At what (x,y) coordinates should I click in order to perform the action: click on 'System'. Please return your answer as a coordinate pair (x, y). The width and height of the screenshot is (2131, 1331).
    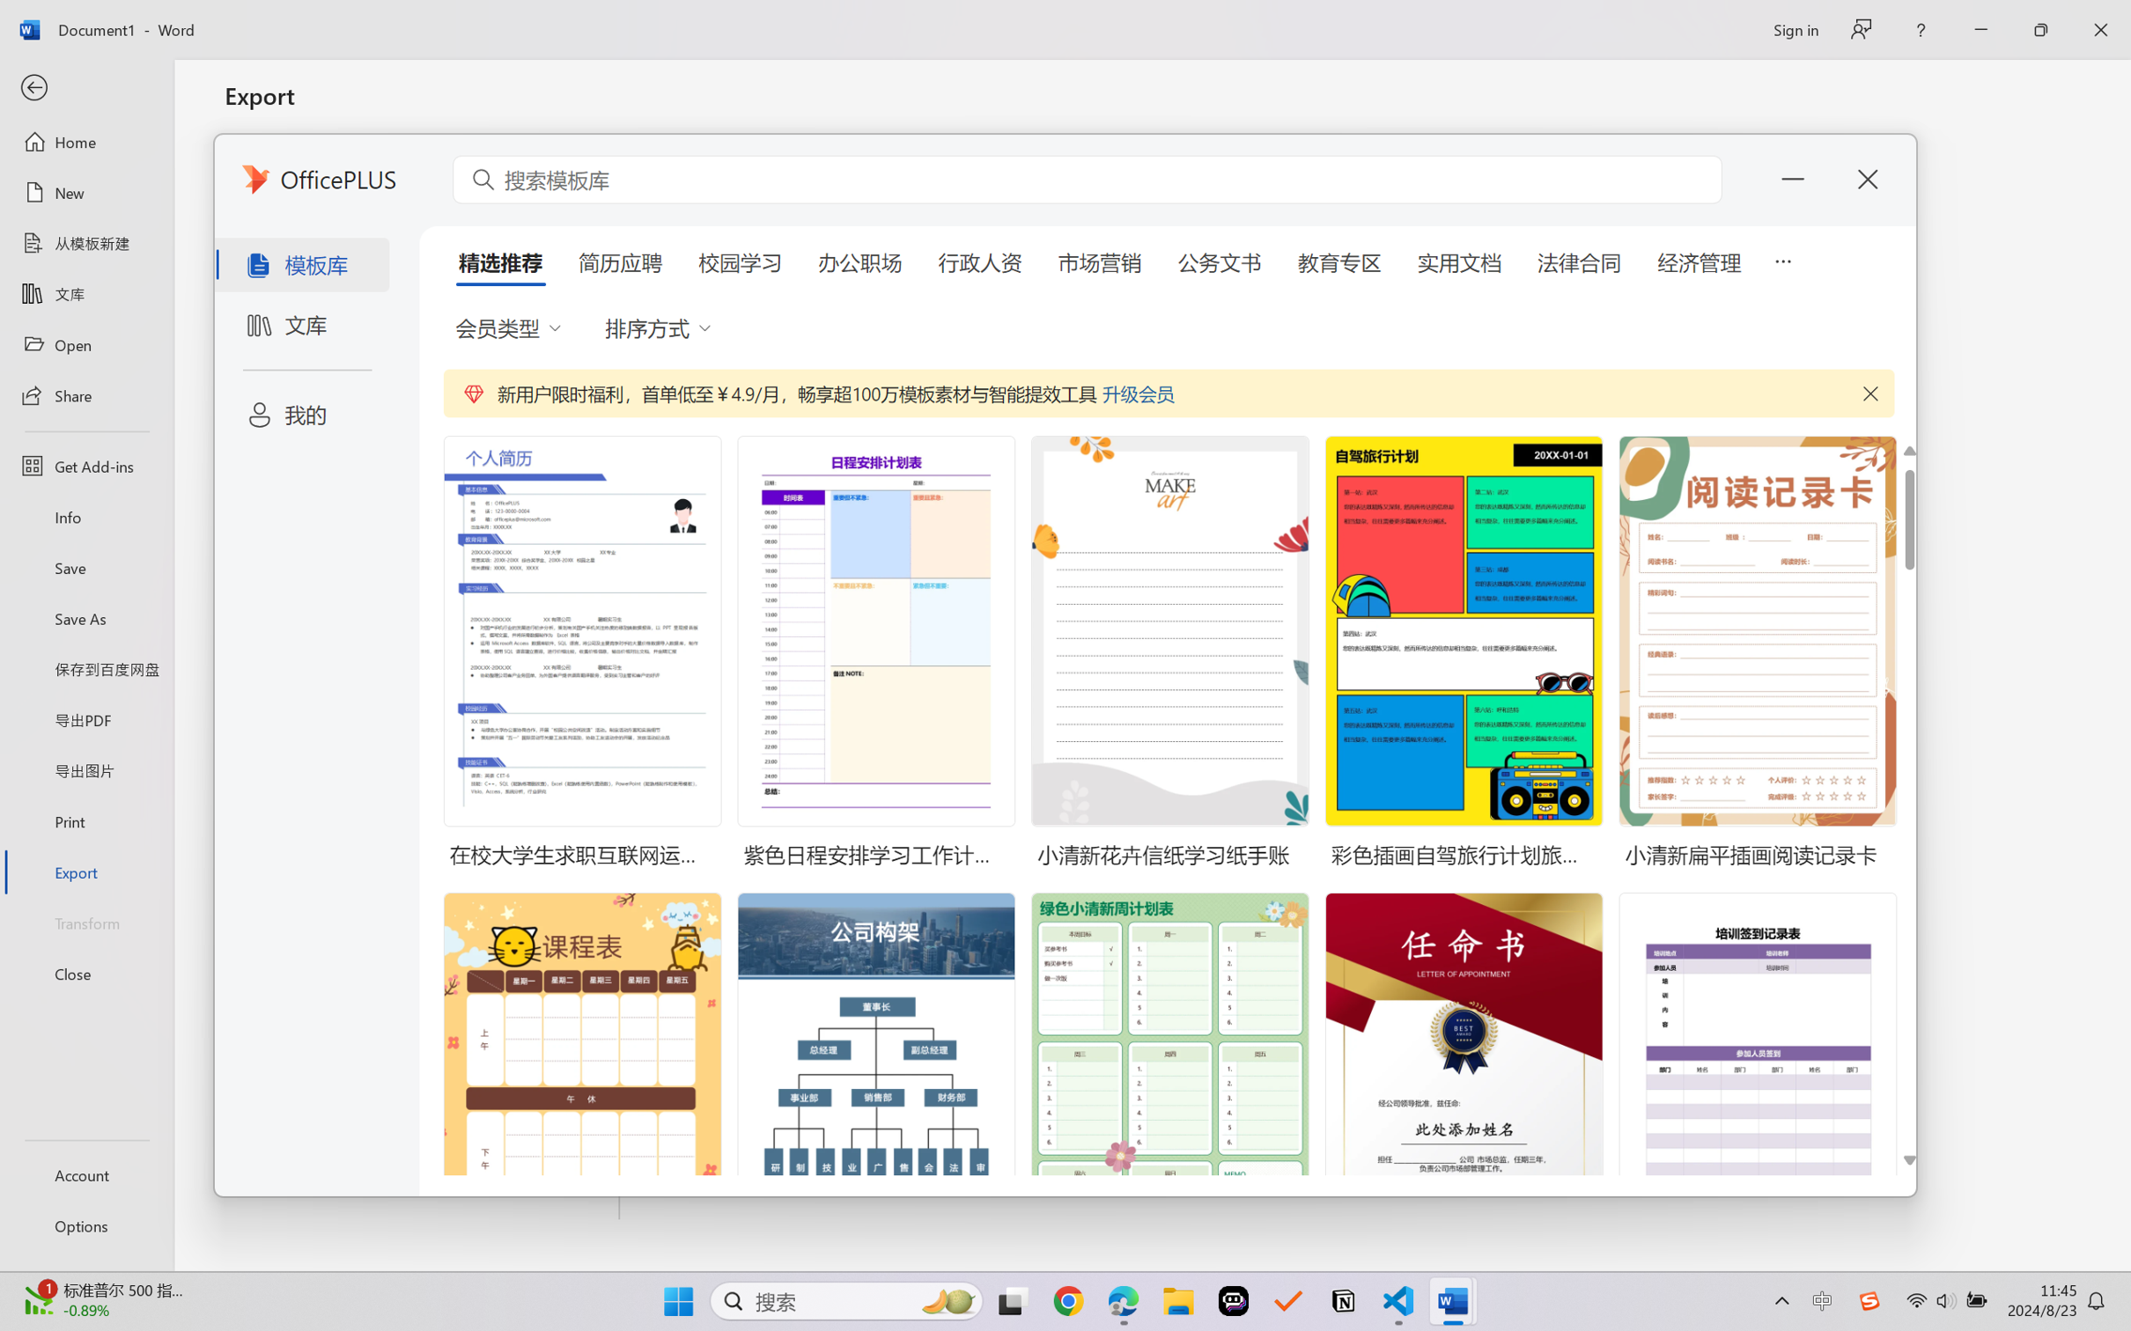
    Looking at the image, I should click on (8, 9).